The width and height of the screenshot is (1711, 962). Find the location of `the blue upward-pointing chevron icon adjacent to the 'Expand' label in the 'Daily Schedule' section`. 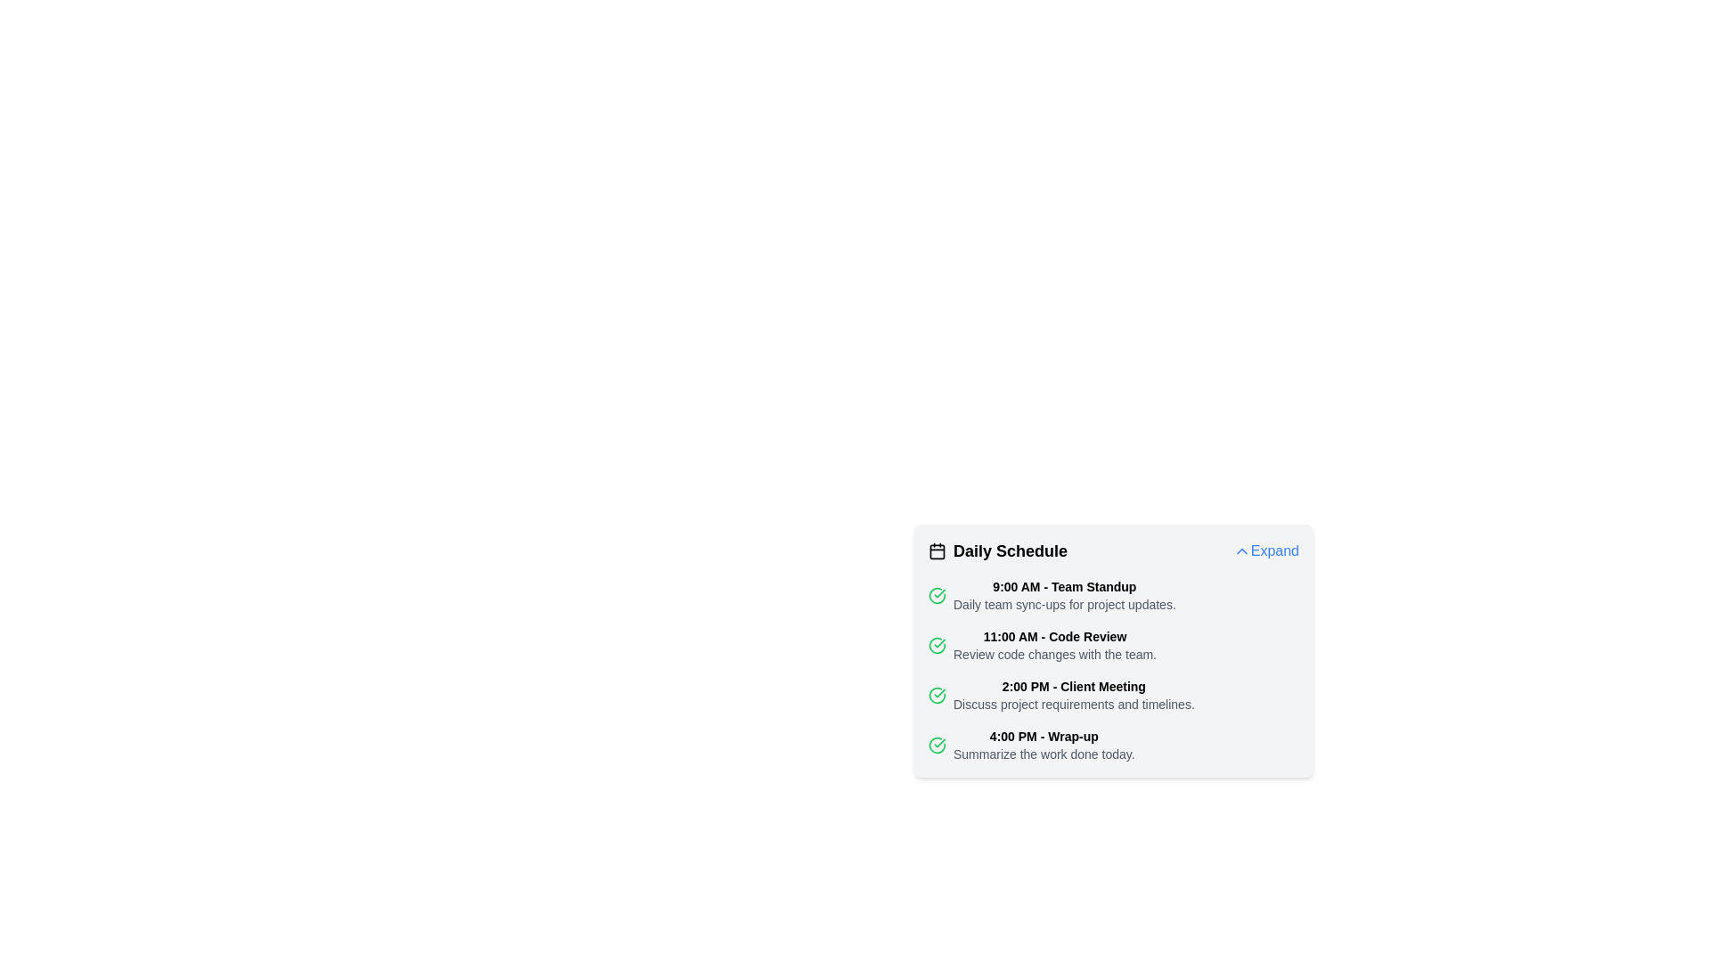

the blue upward-pointing chevron icon adjacent to the 'Expand' label in the 'Daily Schedule' section is located at coordinates (1240, 550).